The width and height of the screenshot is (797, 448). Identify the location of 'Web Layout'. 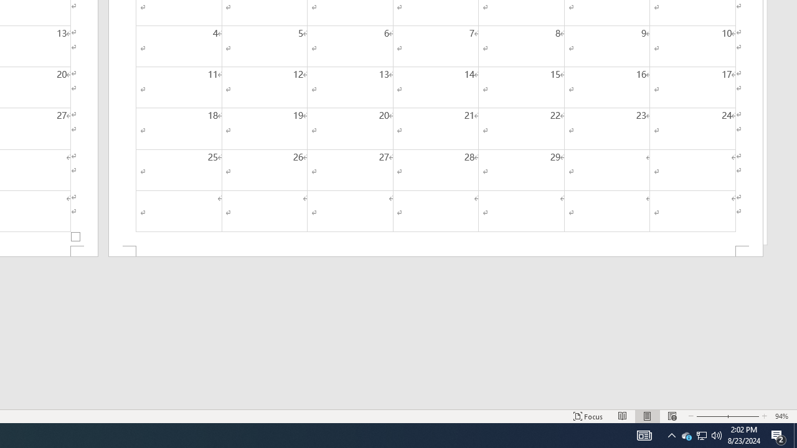
(671, 416).